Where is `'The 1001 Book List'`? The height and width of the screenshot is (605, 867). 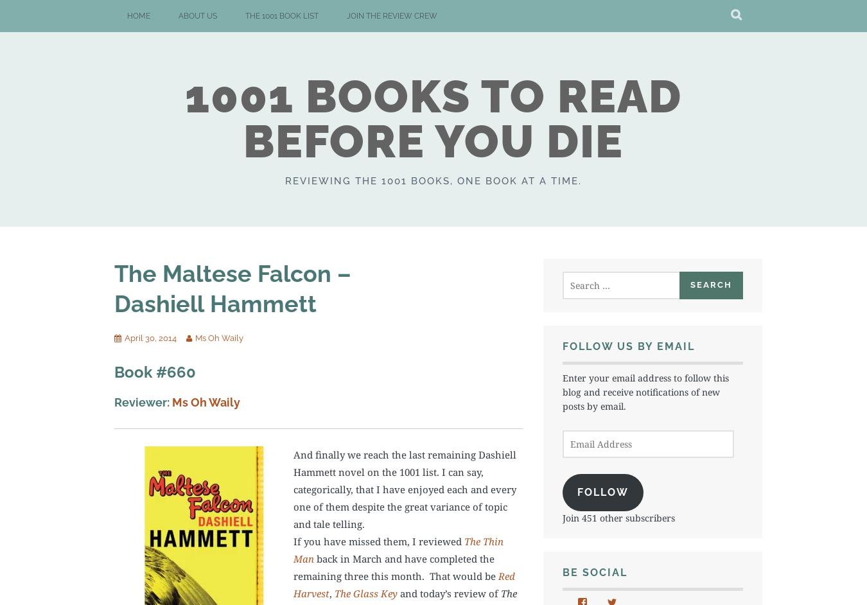 'The 1001 Book List' is located at coordinates (282, 15).